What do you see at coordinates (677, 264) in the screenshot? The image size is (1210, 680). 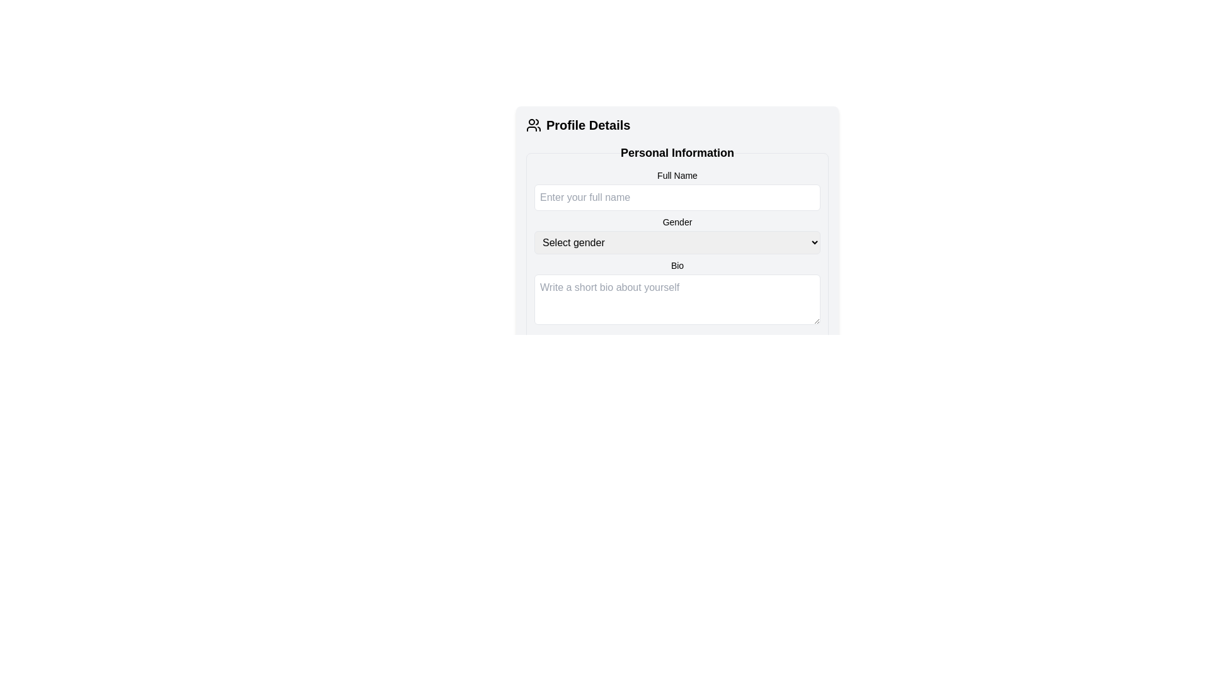 I see `the static text label that indicates the purpose of the input field below it, which guides users to provide a short self-description` at bounding box center [677, 264].